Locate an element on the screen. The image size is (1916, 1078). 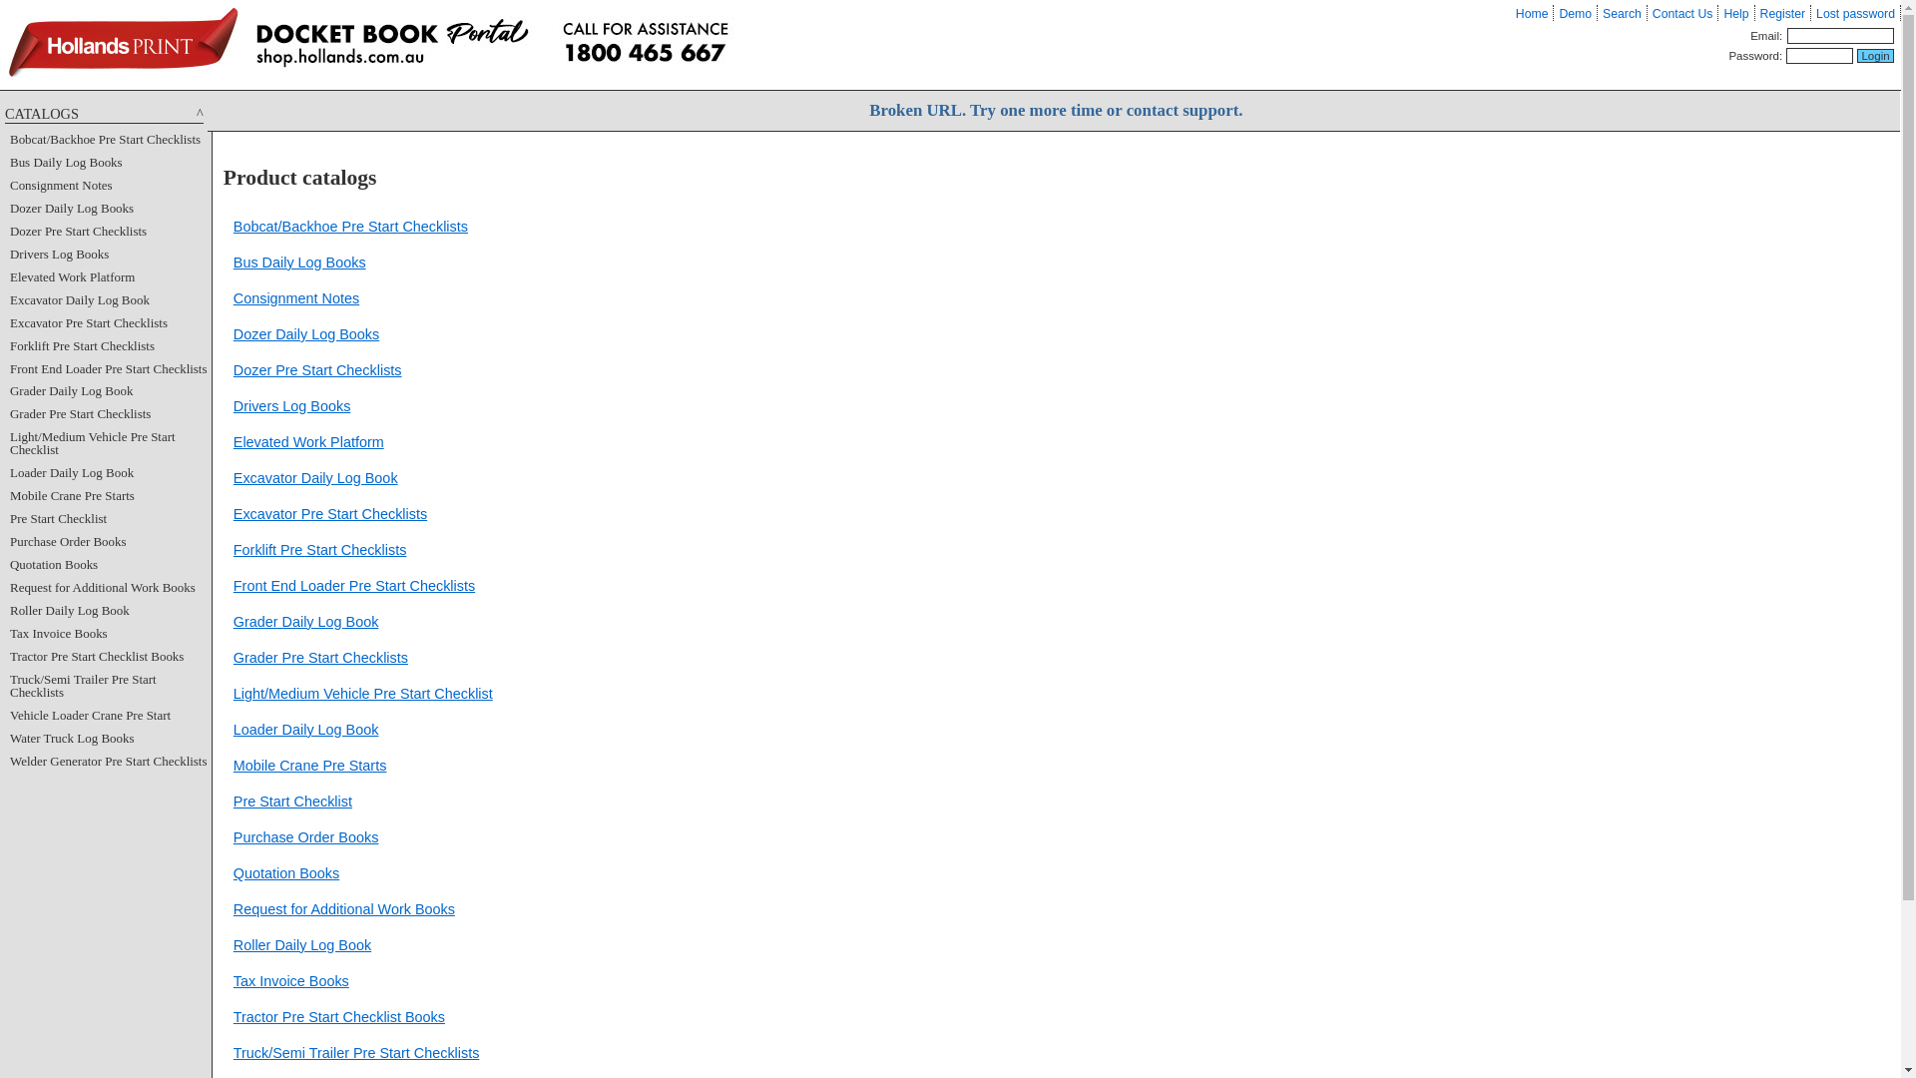
'Request for Additional Work Books' is located at coordinates (9, 586).